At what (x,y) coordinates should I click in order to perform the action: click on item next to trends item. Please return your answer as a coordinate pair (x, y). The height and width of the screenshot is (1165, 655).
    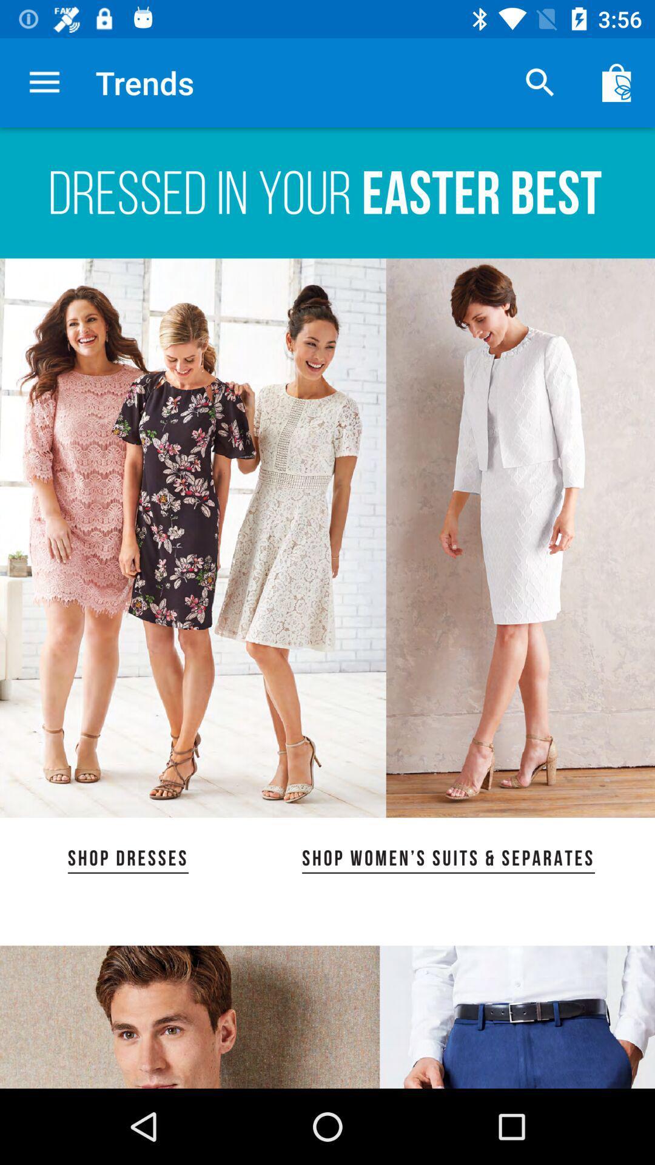
    Looking at the image, I should click on (540, 82).